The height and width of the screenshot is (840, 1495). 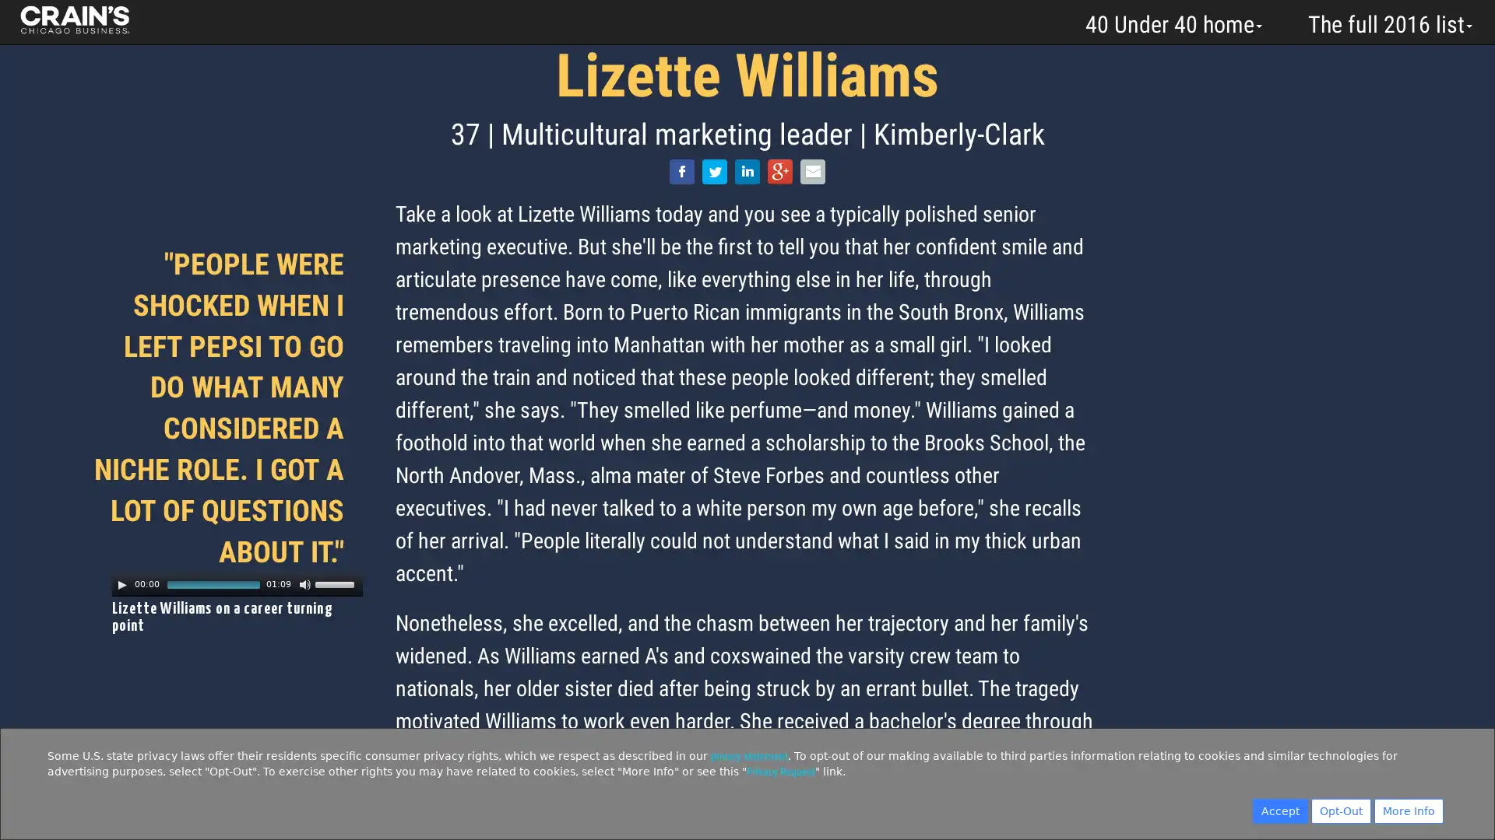 I want to click on Opt-Out, so click(x=1340, y=810).